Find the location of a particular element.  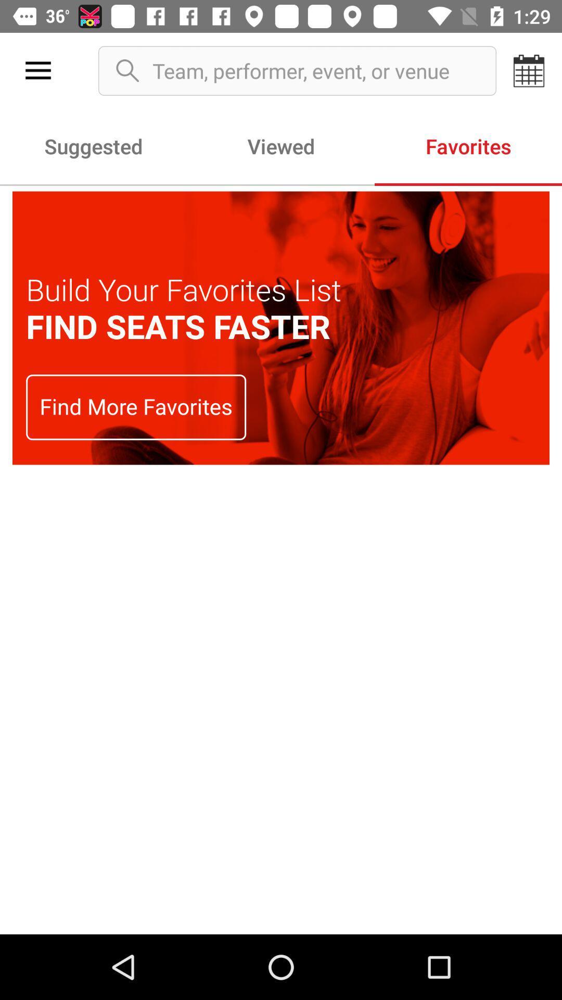

the icon next to the favorites icon is located at coordinates (281, 145).